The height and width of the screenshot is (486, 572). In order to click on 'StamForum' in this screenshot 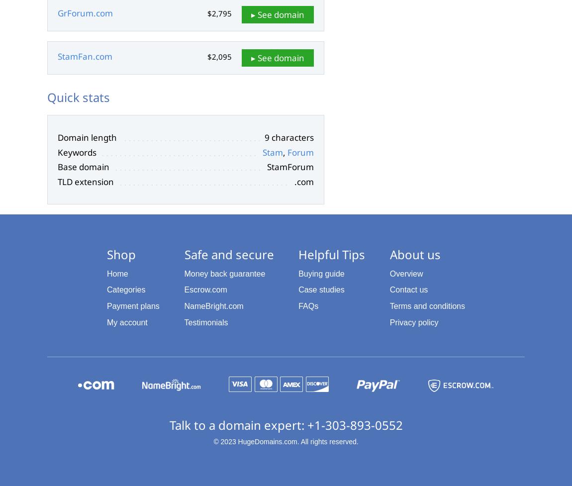, I will do `click(267, 167)`.